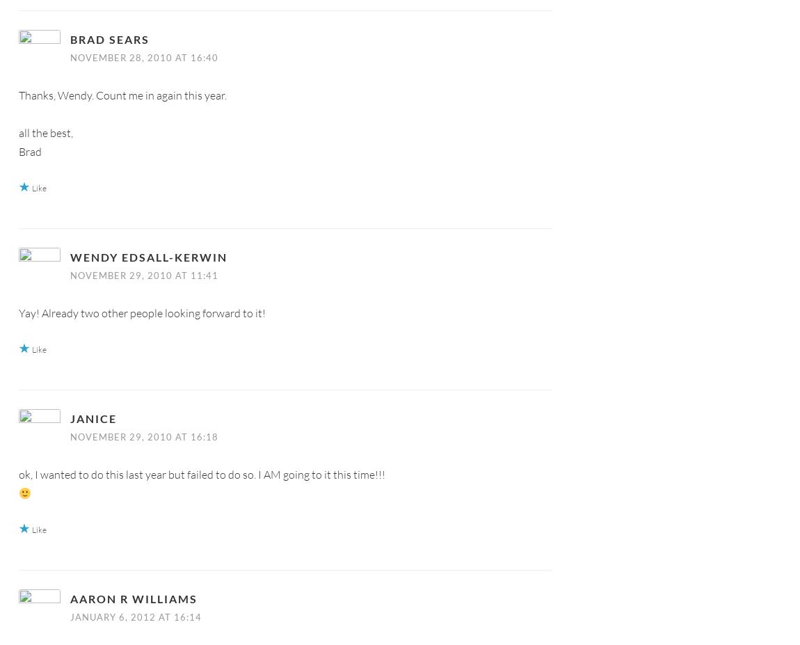  What do you see at coordinates (143, 56) in the screenshot?
I see `'November 28, 2010 at 16:40'` at bounding box center [143, 56].